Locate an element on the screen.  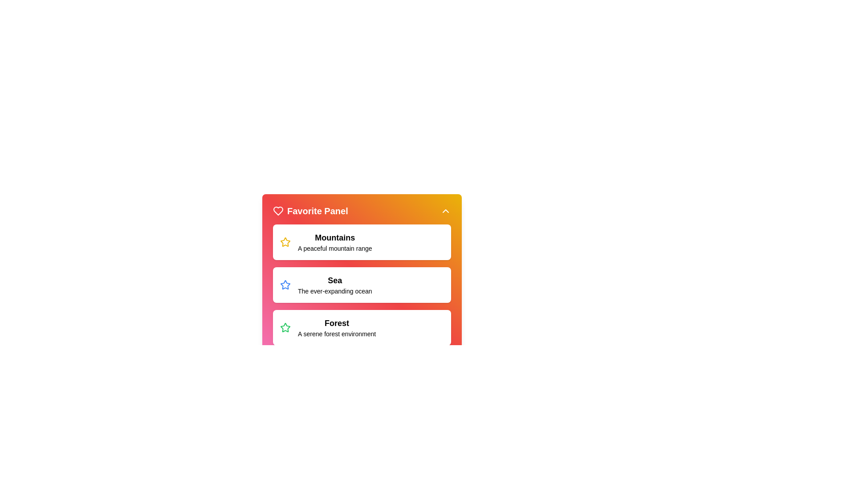
the descriptive text label located under the 'Forest' title in the Favorite Panel, which provides additional context about the title is located at coordinates (336, 334).